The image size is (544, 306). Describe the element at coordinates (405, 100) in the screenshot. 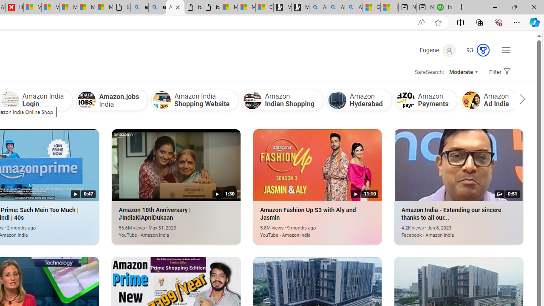

I see `'Amazon Payments'` at that location.